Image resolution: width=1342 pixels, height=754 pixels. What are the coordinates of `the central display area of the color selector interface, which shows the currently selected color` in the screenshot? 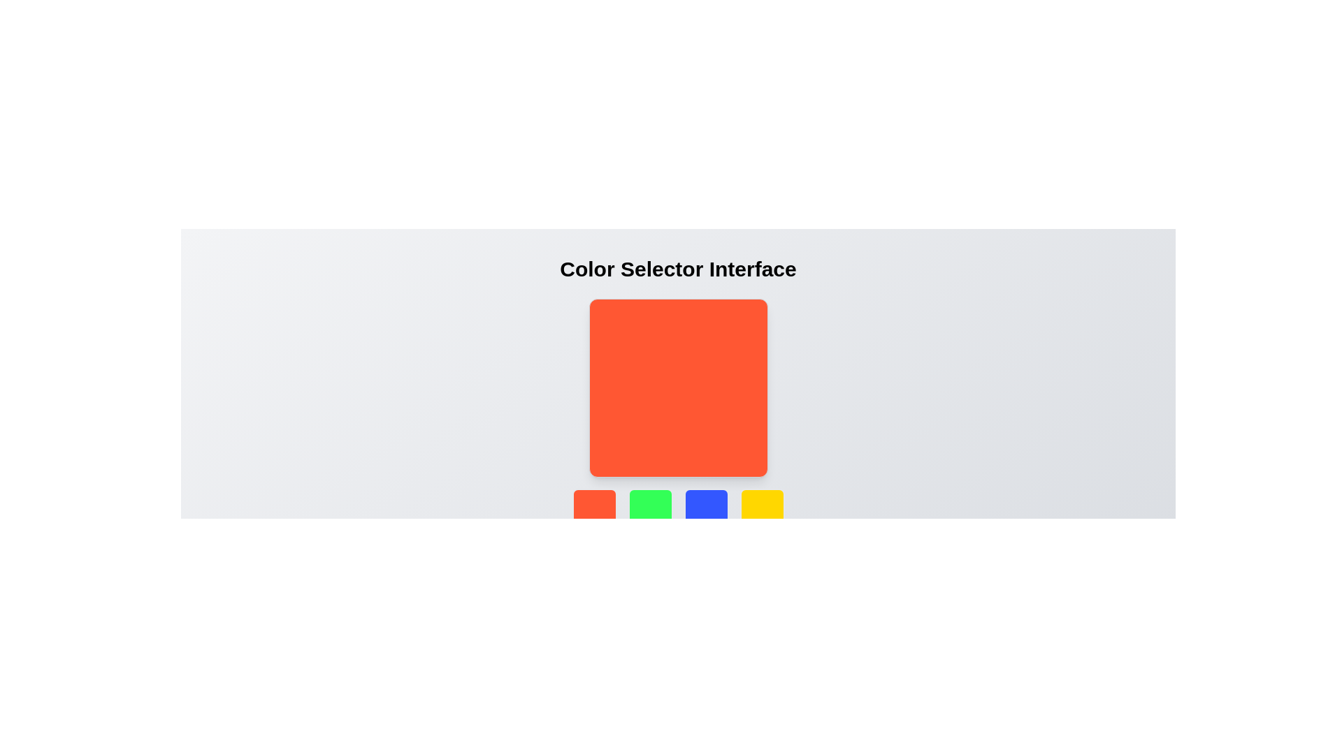 It's located at (678, 387).